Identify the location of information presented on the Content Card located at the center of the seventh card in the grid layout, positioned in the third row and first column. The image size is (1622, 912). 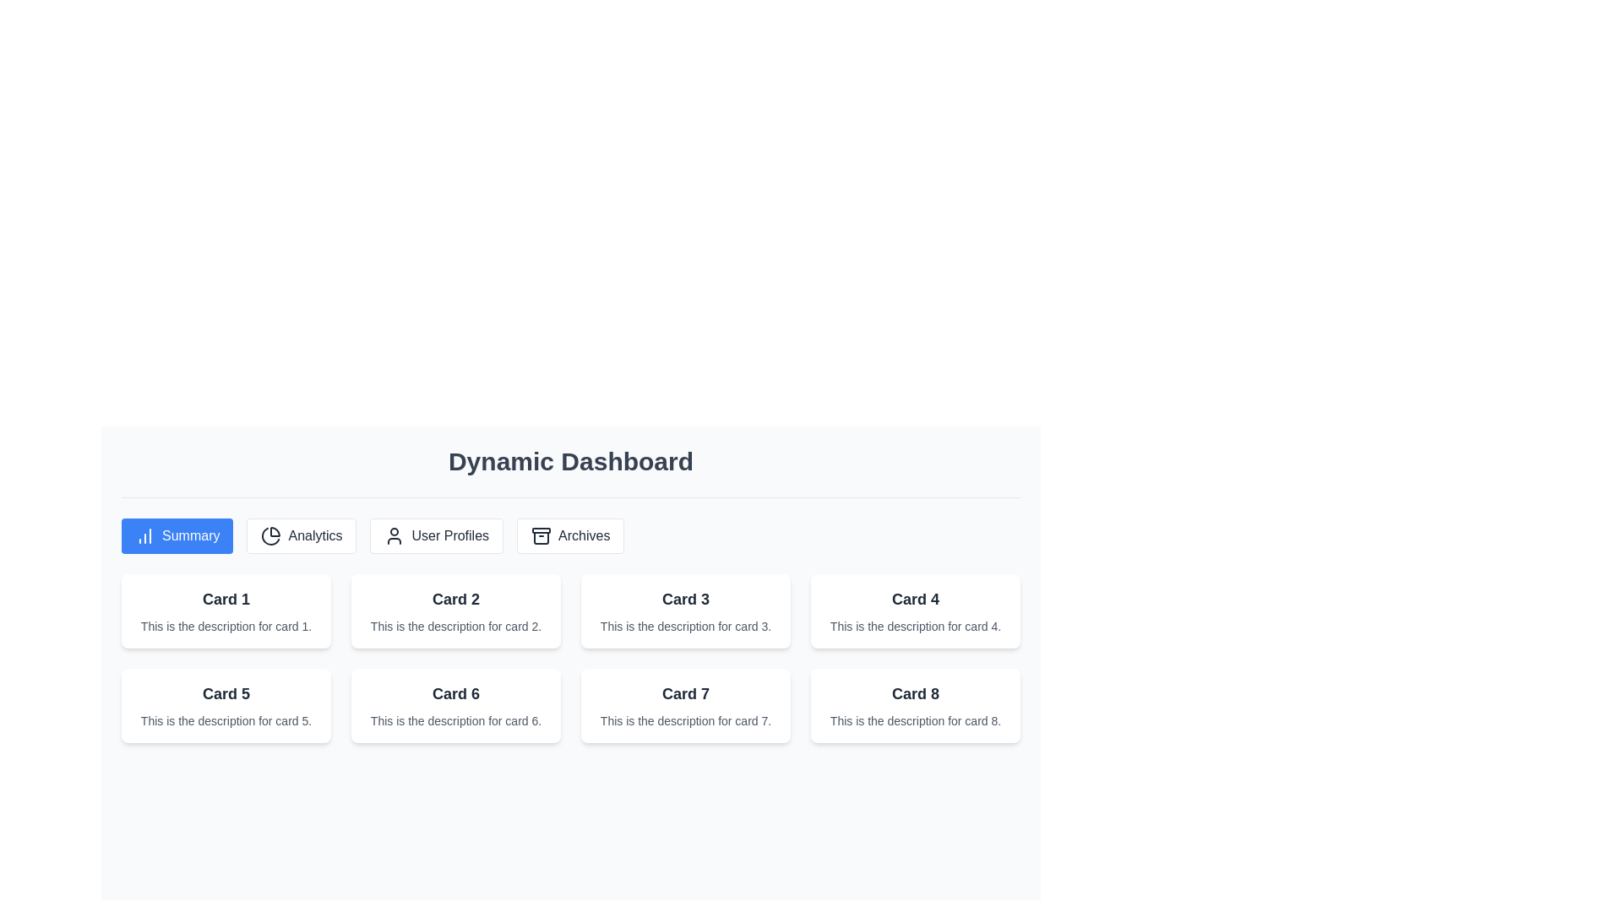
(685, 706).